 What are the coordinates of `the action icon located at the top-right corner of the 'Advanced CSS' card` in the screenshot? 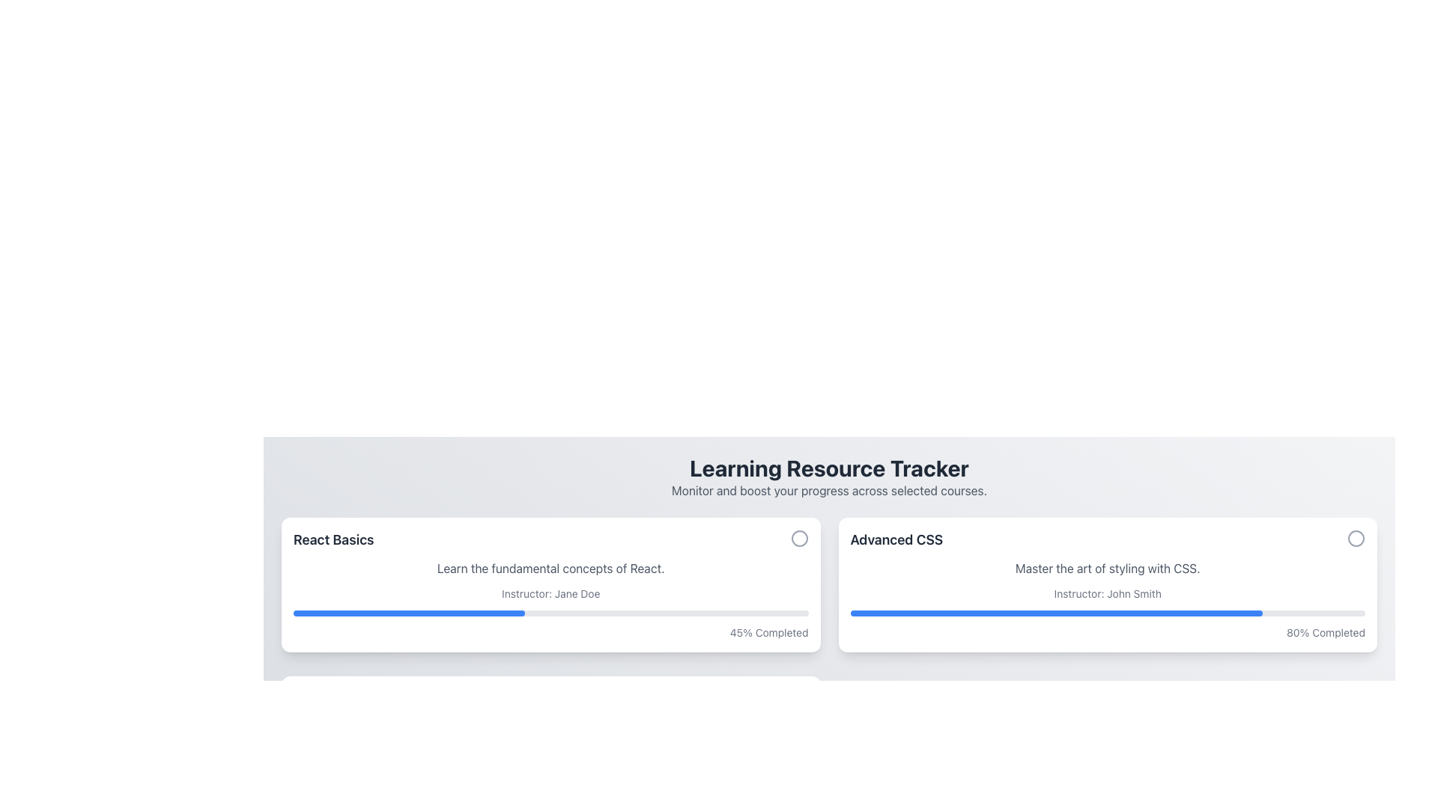 It's located at (1356, 539).